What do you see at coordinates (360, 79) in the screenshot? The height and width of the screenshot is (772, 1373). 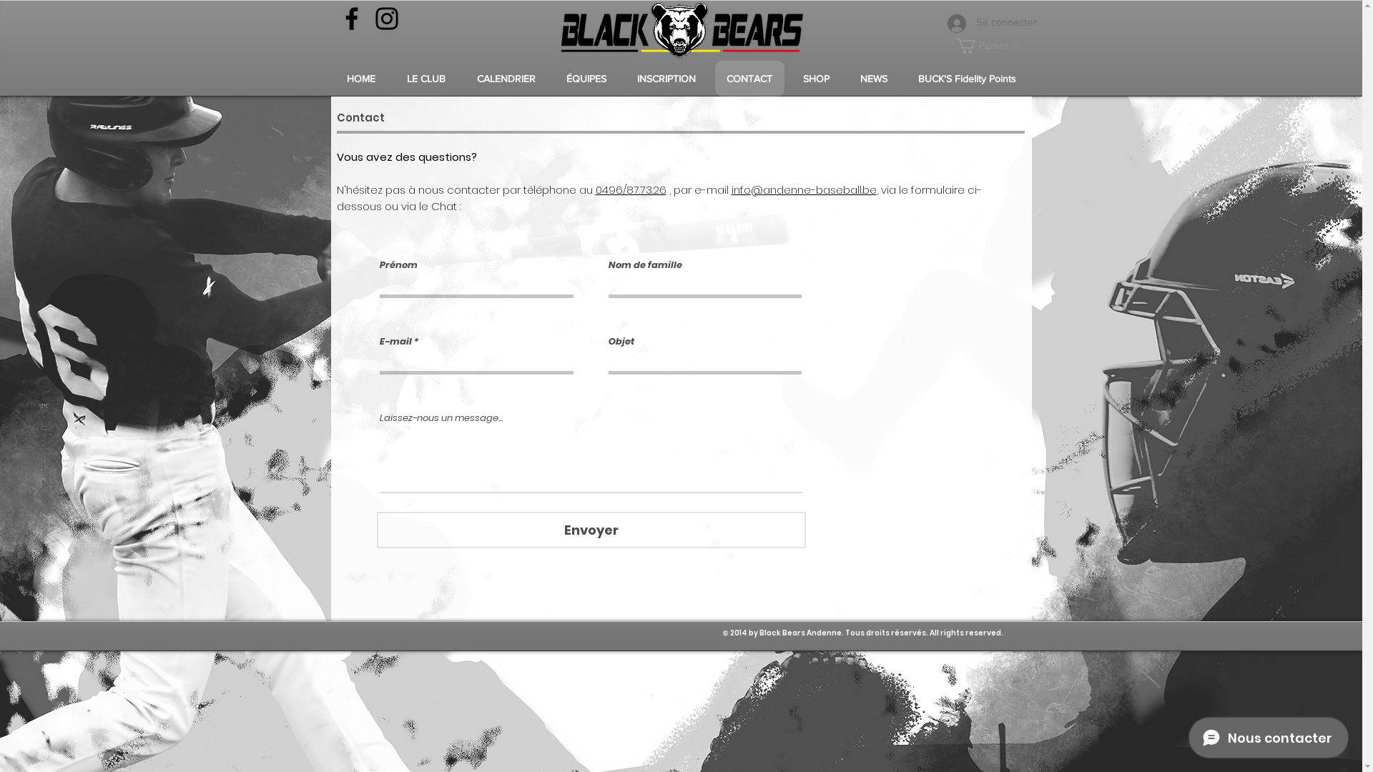 I see `'HOME'` at bounding box center [360, 79].